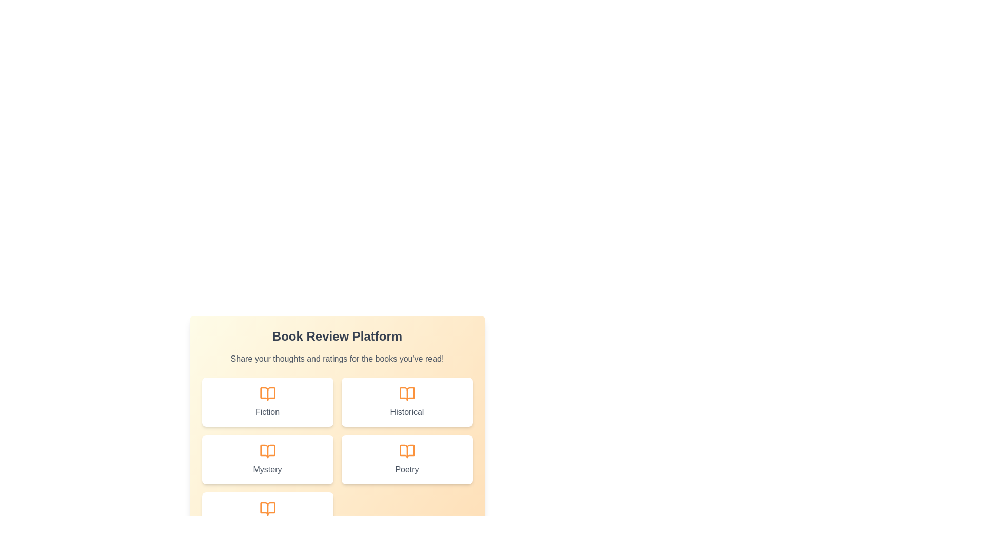 Image resolution: width=985 pixels, height=554 pixels. I want to click on the informational prompt encouraging users to share their thoughts and ratings for books they have read, located below the 'Book Review Platform' header, so click(337, 358).